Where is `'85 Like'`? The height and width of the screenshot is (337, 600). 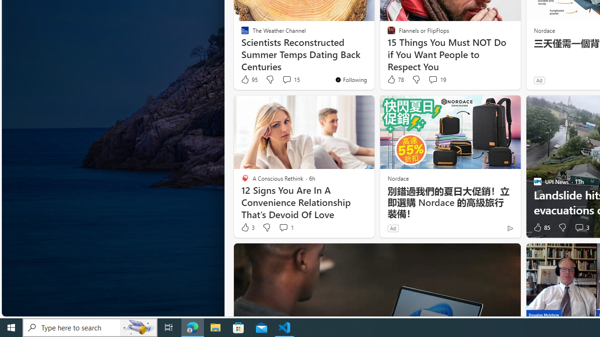 '85 Like' is located at coordinates (541, 227).